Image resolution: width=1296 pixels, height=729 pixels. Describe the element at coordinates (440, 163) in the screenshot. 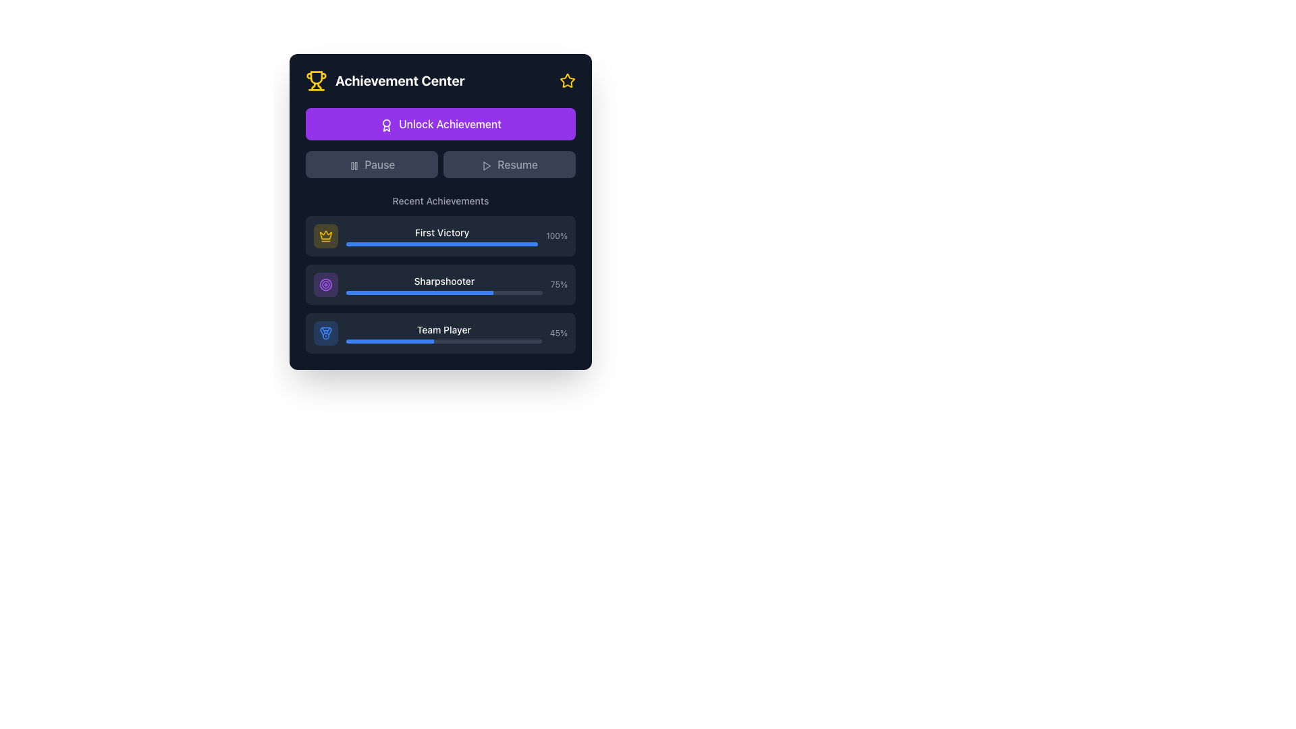

I see `any of the interactive buttons within the control interface located in the middle section of the 'Achievement Center' card, which is positioned below the 'Unlock Achievement' bar` at that location.